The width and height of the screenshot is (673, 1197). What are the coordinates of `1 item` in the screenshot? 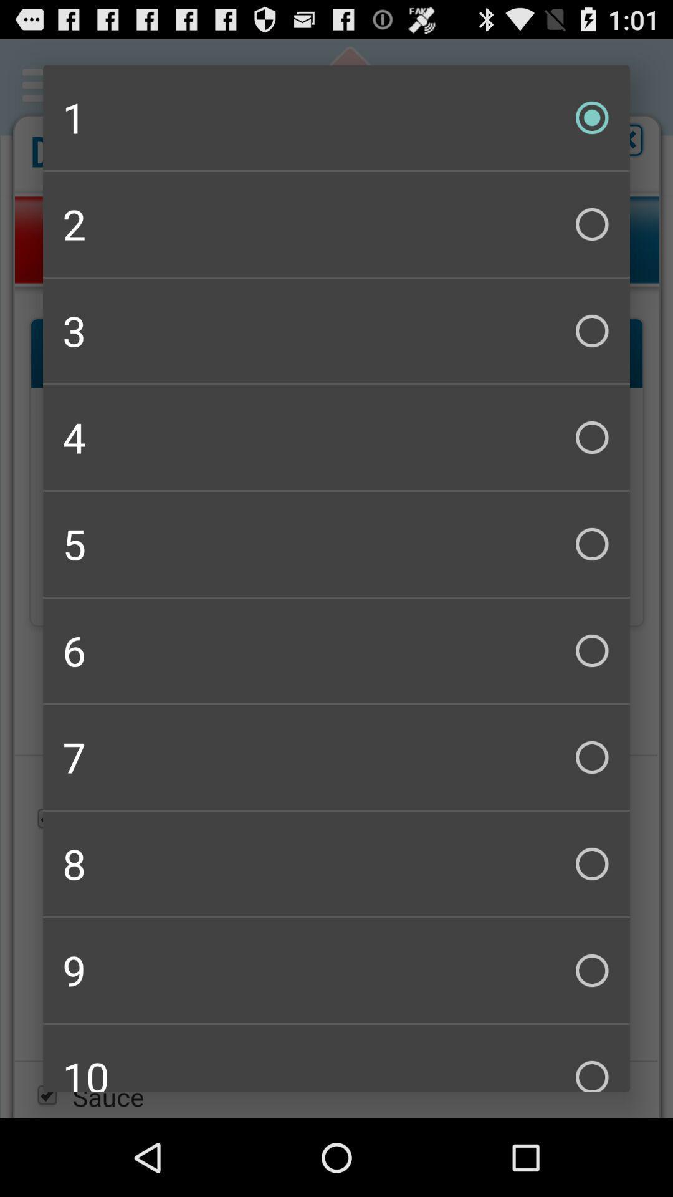 It's located at (336, 117).